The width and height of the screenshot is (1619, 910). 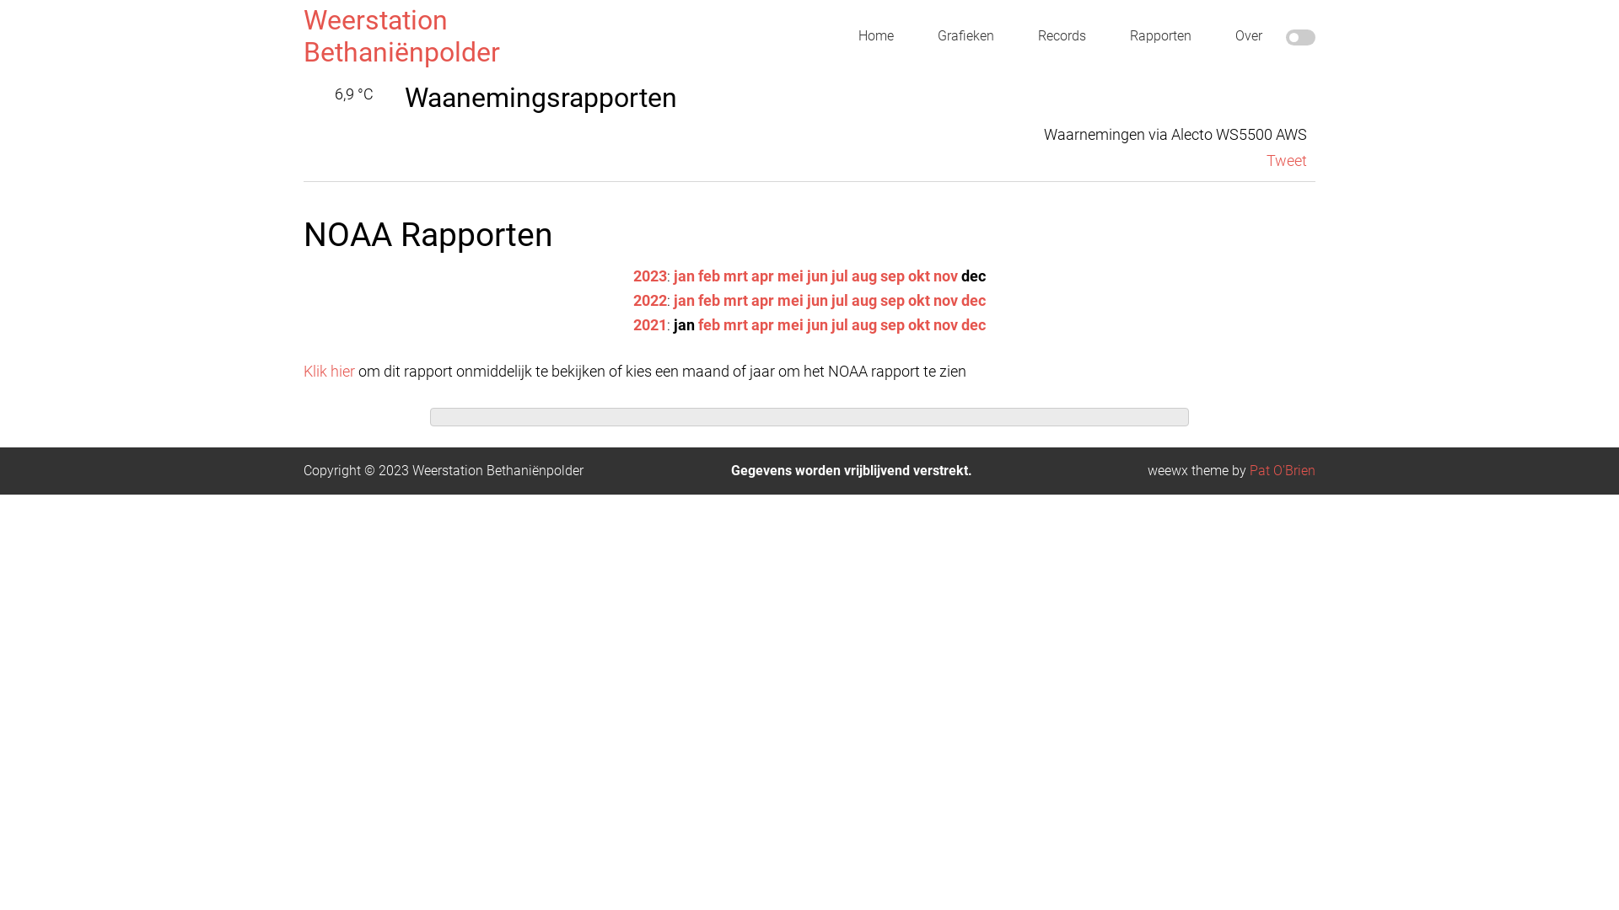 I want to click on 'mrt', so click(x=735, y=275).